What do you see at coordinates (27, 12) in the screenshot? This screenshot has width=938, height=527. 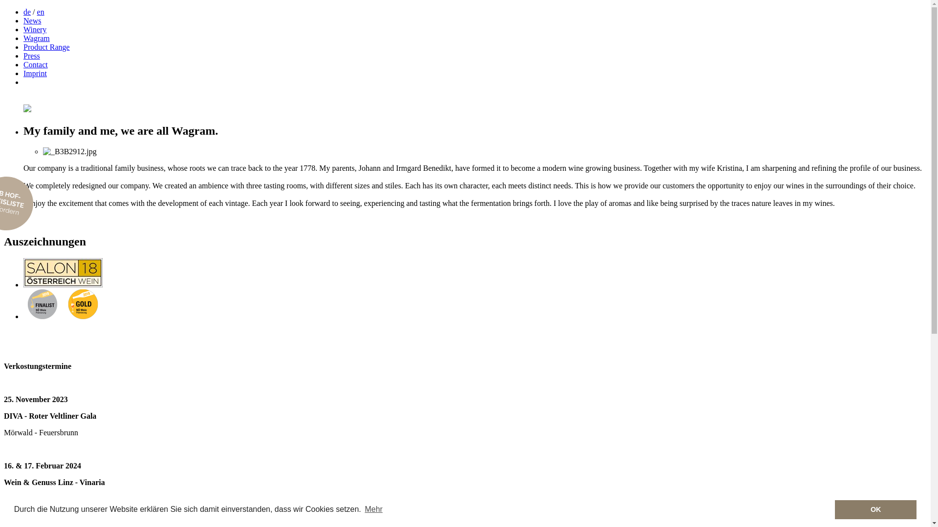 I see `'de'` at bounding box center [27, 12].